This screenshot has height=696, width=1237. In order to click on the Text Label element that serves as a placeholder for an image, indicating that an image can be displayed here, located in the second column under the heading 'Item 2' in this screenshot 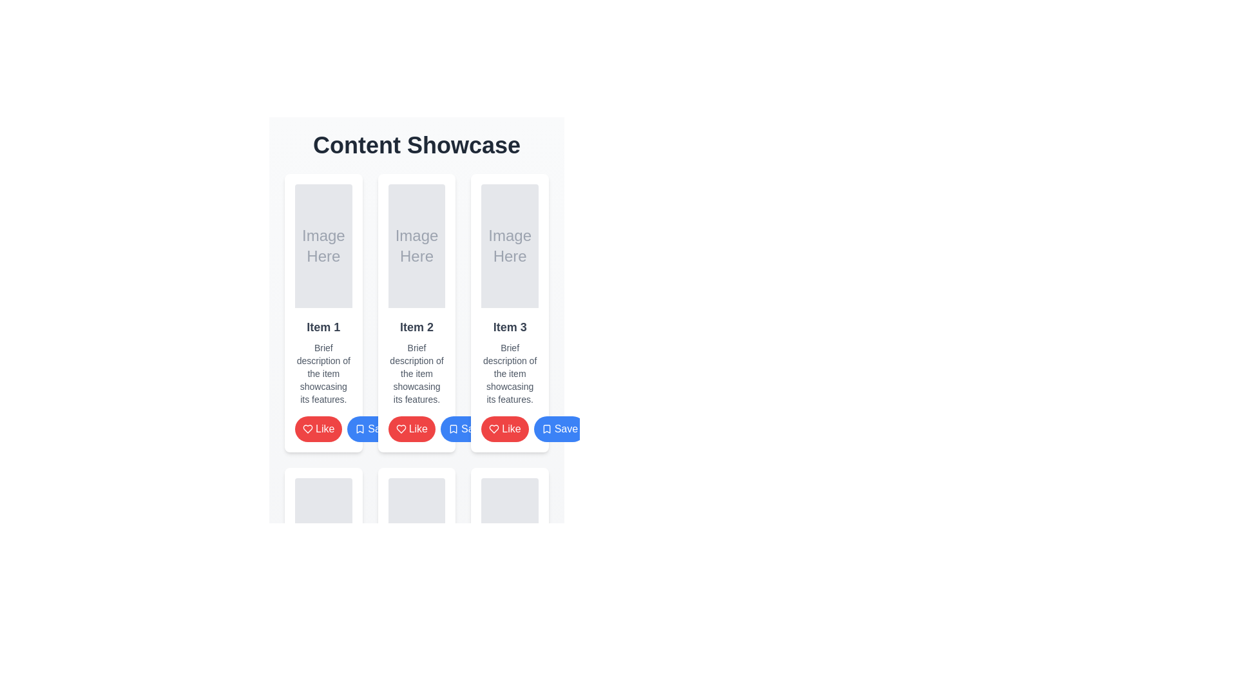, I will do `click(417, 246)`.